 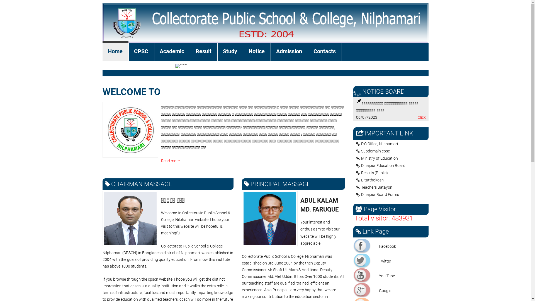 I want to click on 'Read more', so click(x=170, y=161).